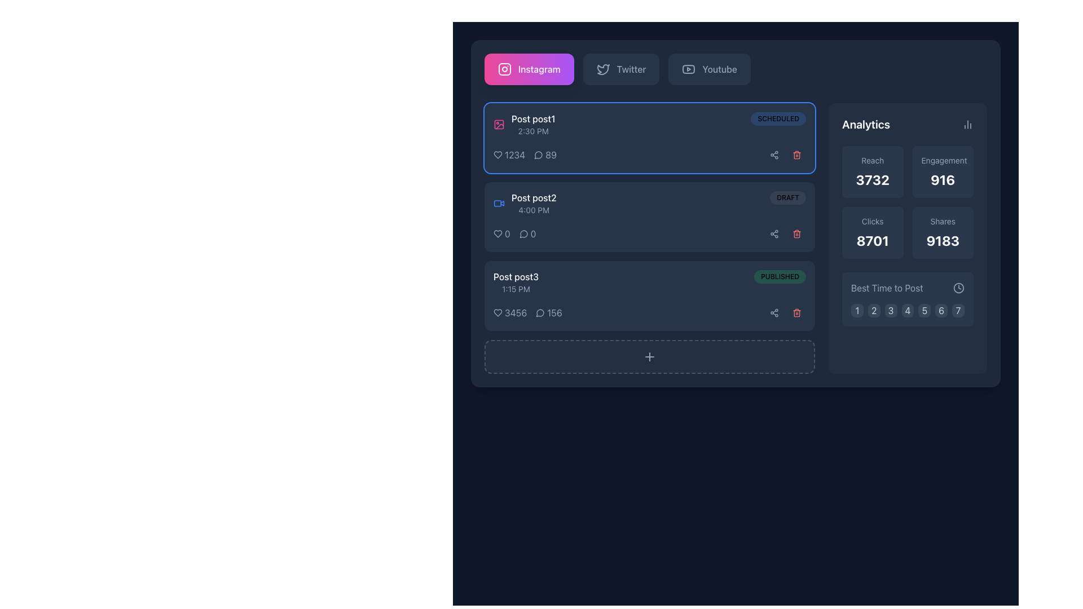 This screenshot has height=609, width=1083. I want to click on the 'Twitter' button, which is a rectangular button with rounded edges, dark bluish-gray background, and gray capitalized text, so click(620, 69).